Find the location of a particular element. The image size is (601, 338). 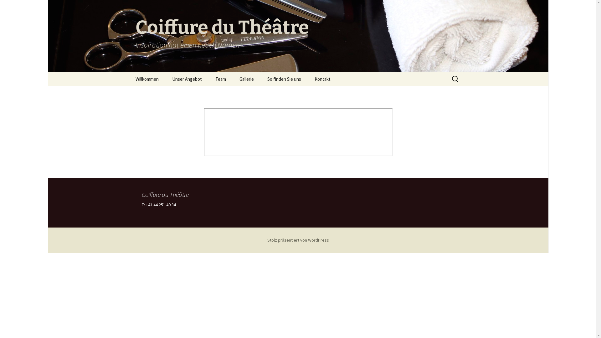

'Suche' is located at coordinates (8, 7).